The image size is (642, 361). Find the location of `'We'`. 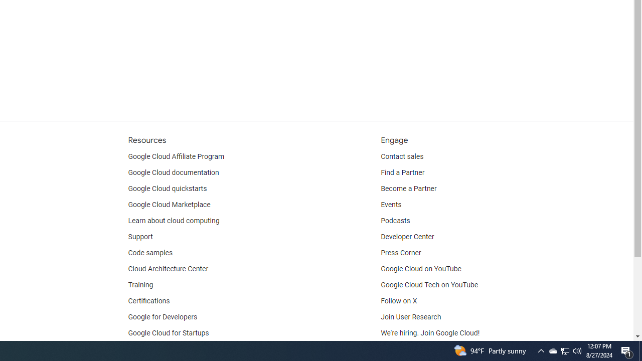

'We' is located at coordinates (430, 333).